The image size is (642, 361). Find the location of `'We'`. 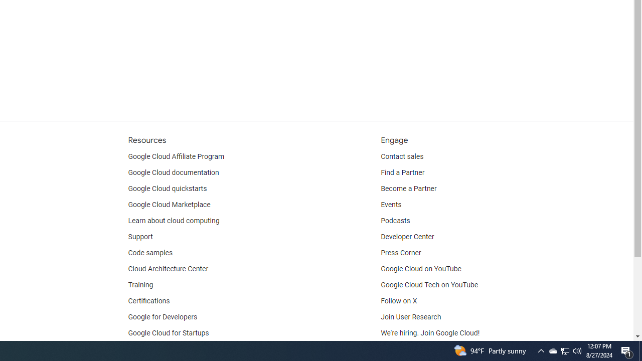

'We' is located at coordinates (430, 333).